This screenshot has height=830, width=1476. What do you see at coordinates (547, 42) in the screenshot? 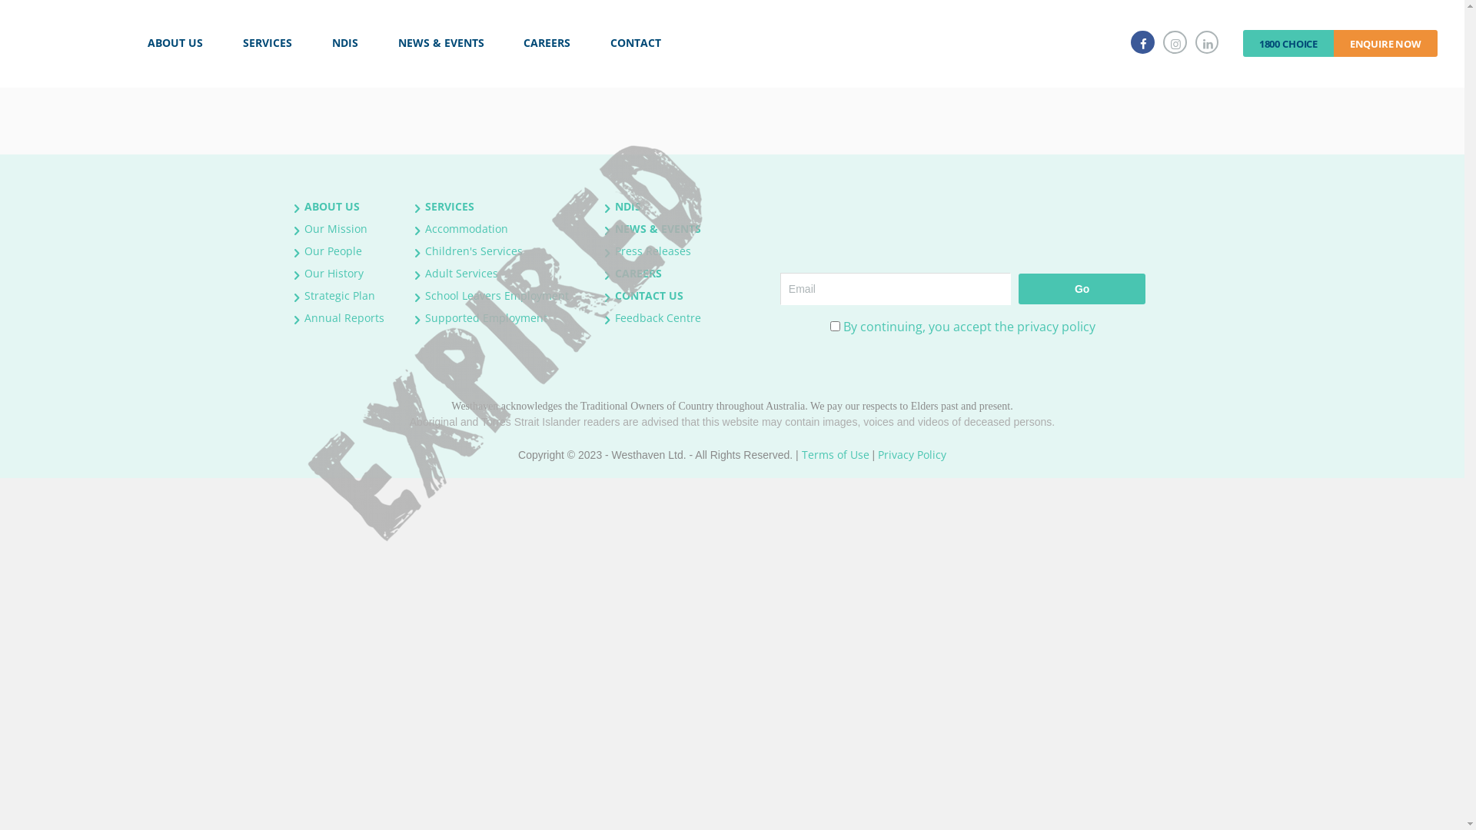
I see `'CAREERS'` at bounding box center [547, 42].